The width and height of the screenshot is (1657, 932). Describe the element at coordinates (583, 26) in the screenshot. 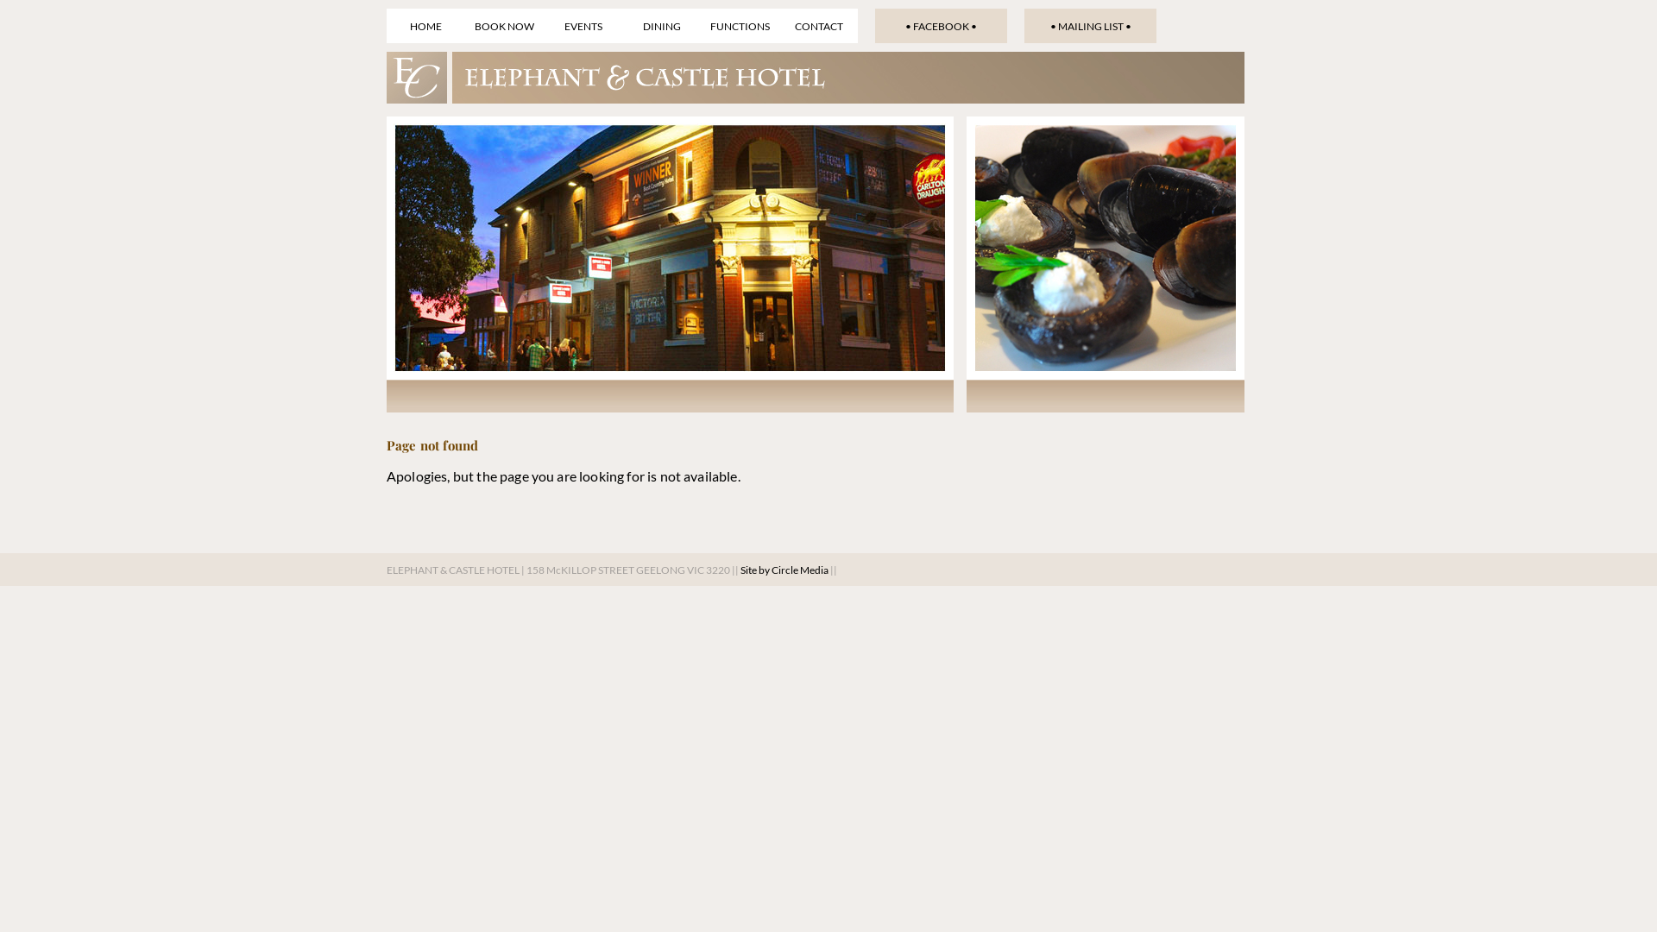

I see `'EVENTS'` at that location.